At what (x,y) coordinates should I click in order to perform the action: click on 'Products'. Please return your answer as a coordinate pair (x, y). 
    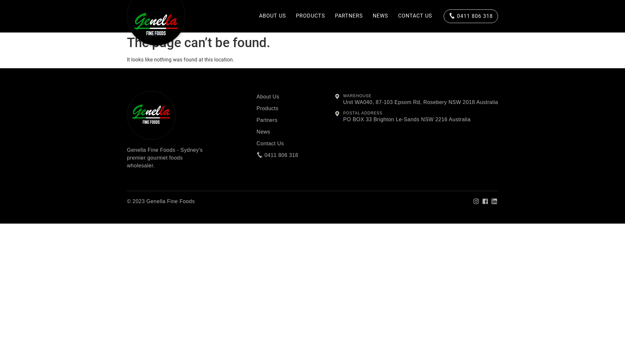
    Looking at the image, I should click on (277, 108).